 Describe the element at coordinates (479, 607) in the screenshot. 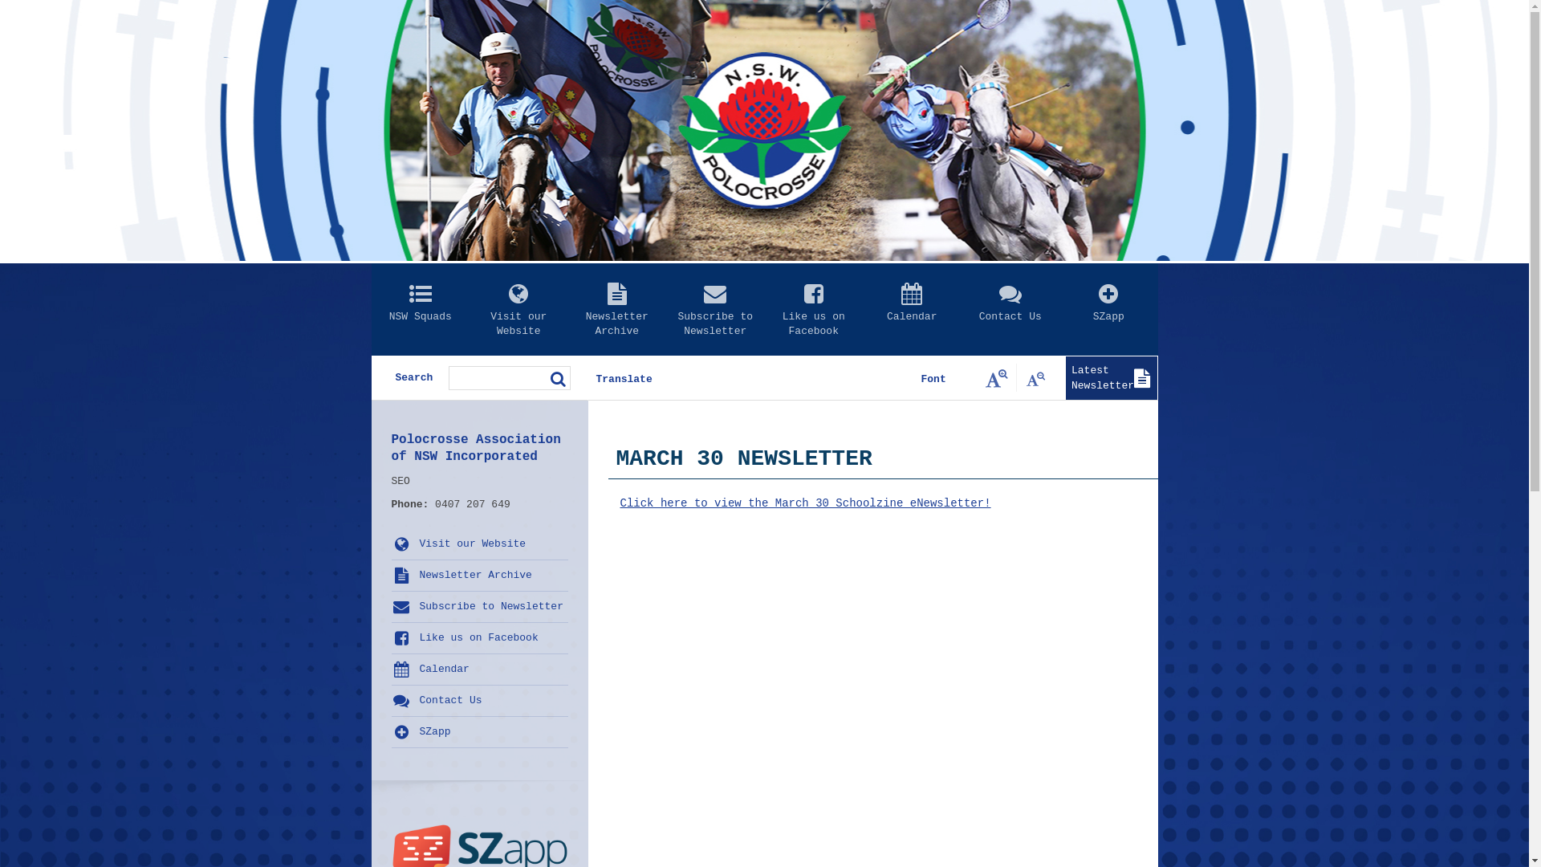

I see `'Subscribe to Newsletter'` at that location.